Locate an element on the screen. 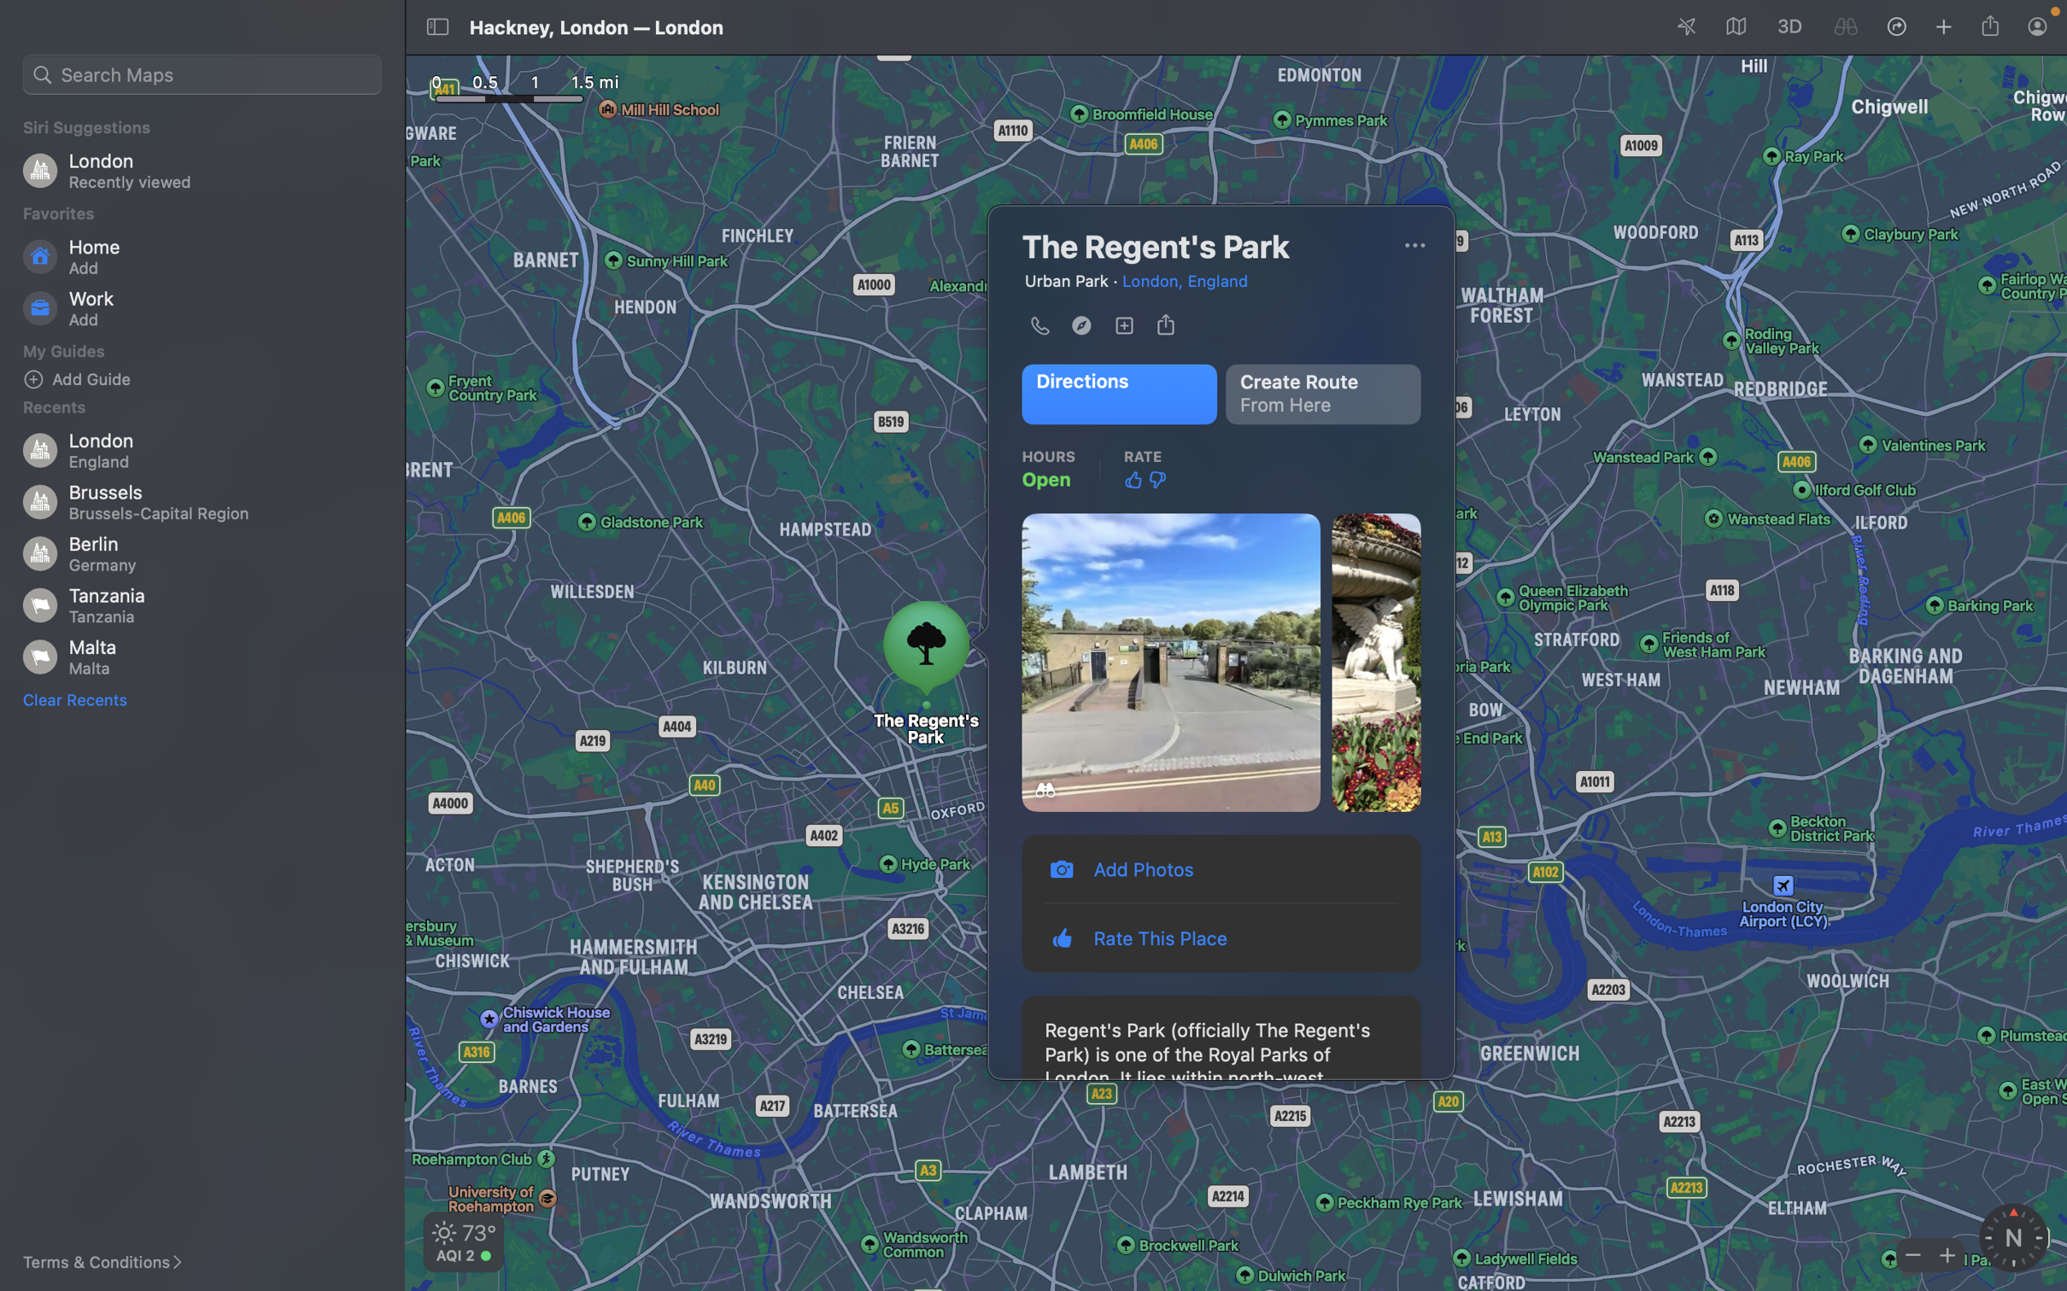  Determine the quickest route to the nearest public transport stop is located at coordinates (1116, 394).